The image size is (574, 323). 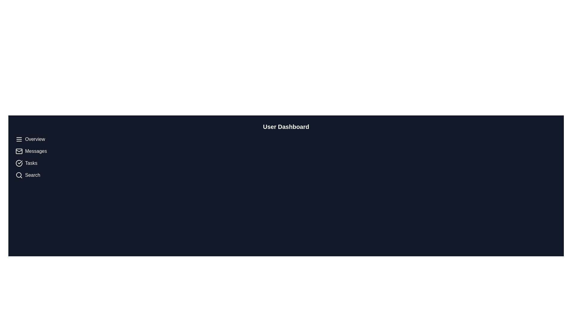 I want to click on the SVG rectangle element representing the envelope part of the mail icon, located at the top center of the rectangular icon, so click(x=19, y=151).